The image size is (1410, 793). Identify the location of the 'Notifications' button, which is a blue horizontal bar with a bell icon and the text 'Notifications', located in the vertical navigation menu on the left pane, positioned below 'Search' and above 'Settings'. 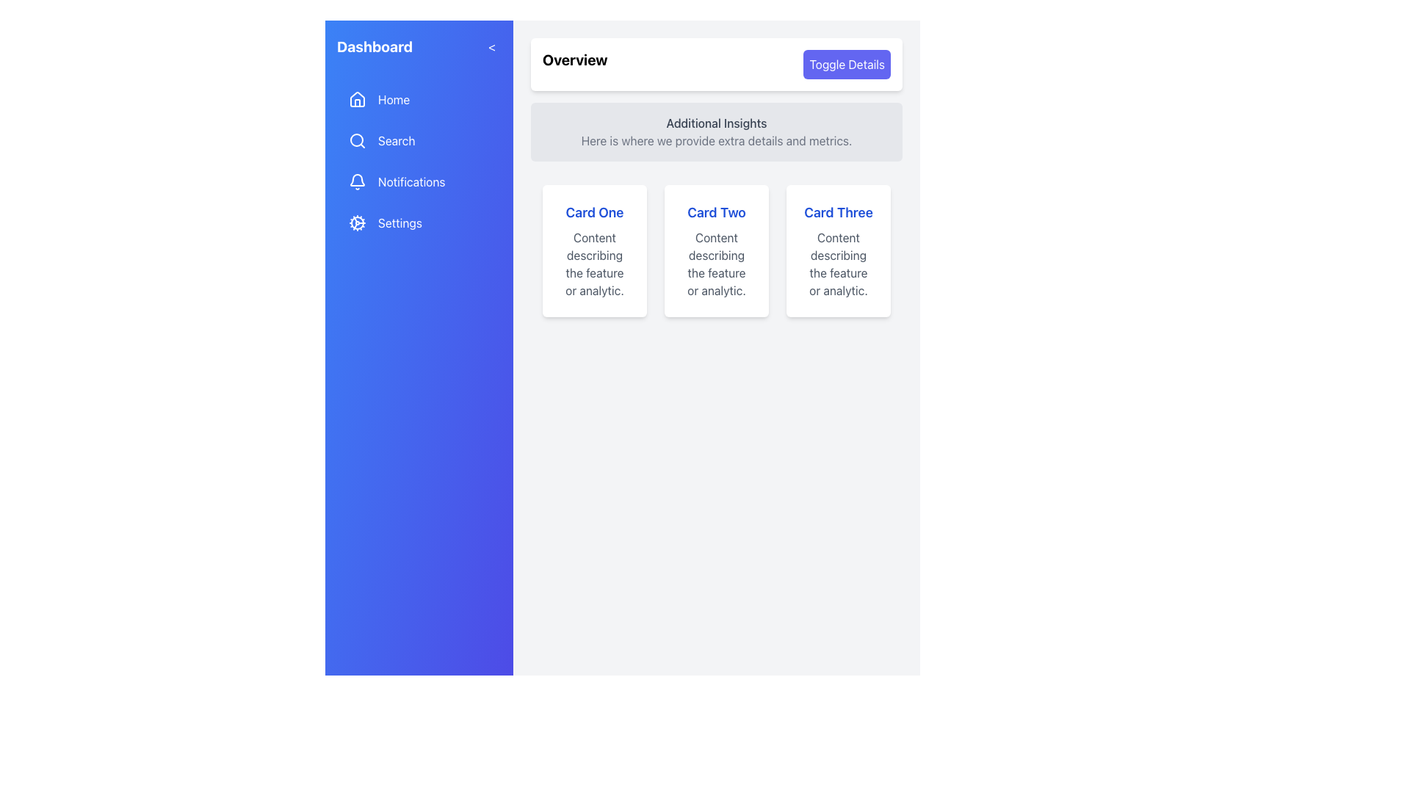
(419, 181).